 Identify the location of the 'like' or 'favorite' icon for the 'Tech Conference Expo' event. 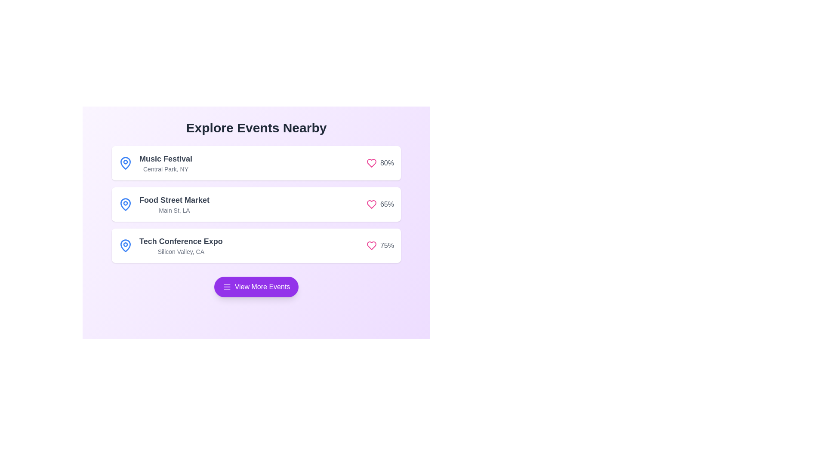
(372, 245).